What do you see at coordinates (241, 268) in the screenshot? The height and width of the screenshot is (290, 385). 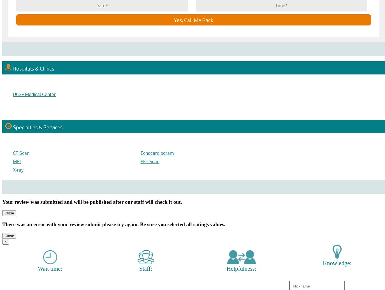 I see `'Helpfulness:'` at bounding box center [241, 268].